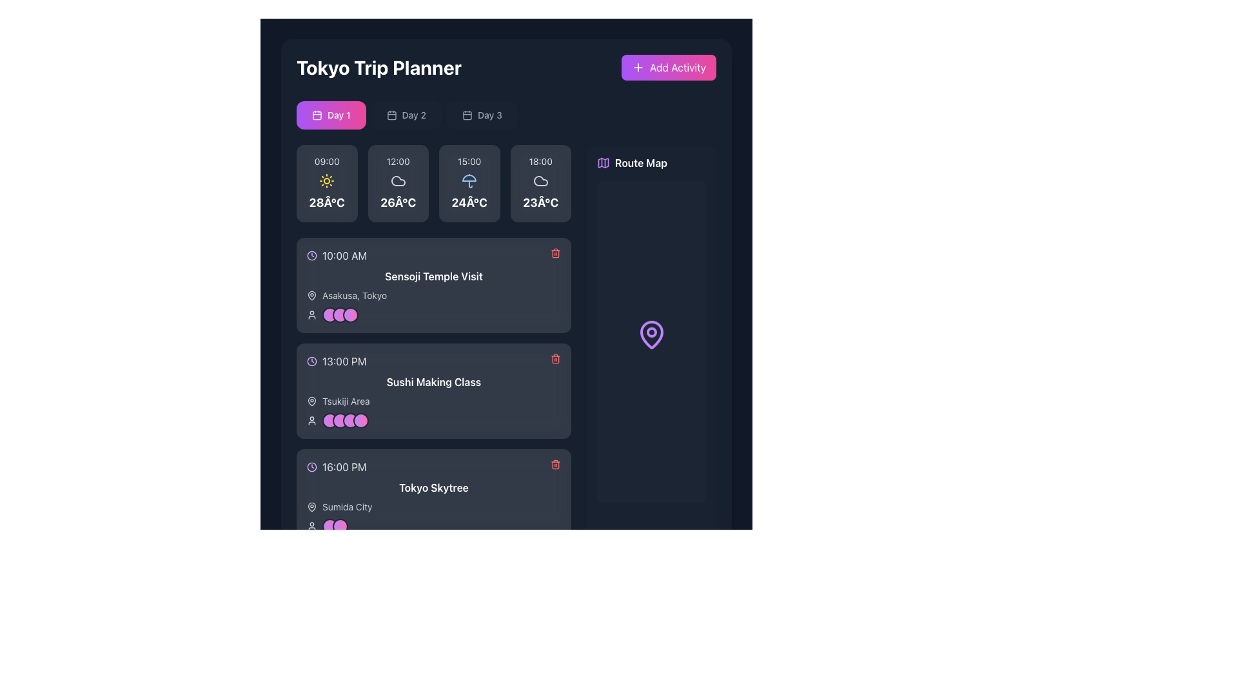  I want to click on the SVG icon component associated with the 'Day 3' button located at the left side of the button in the header section, so click(466, 114).